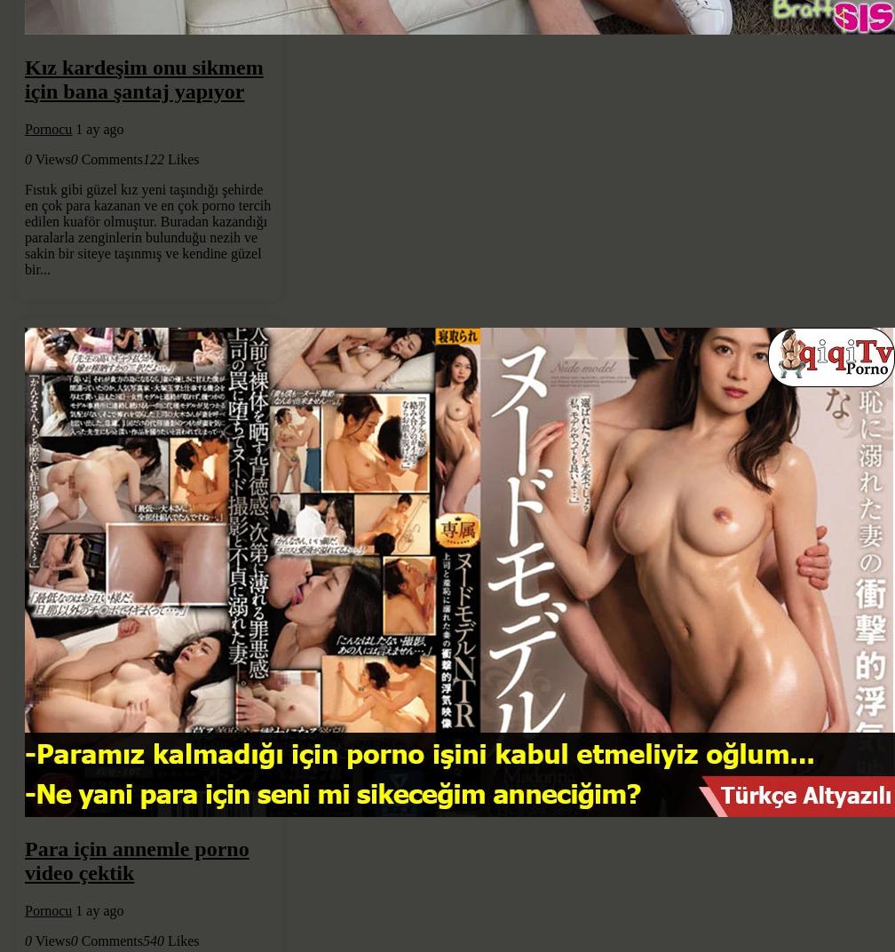 This screenshot has width=895, height=952. I want to click on 'Fıstık gibi güzel kız yeni taşındığı şehirde en çok para kazanan ve en çok porno tercih edilen kuaför olmuştur. Buradan kazandığı paralarla zenginlerin bulunduğu nezih ve sakin bir siteye taşınmış ve kendine güzel bir...', so click(147, 228).